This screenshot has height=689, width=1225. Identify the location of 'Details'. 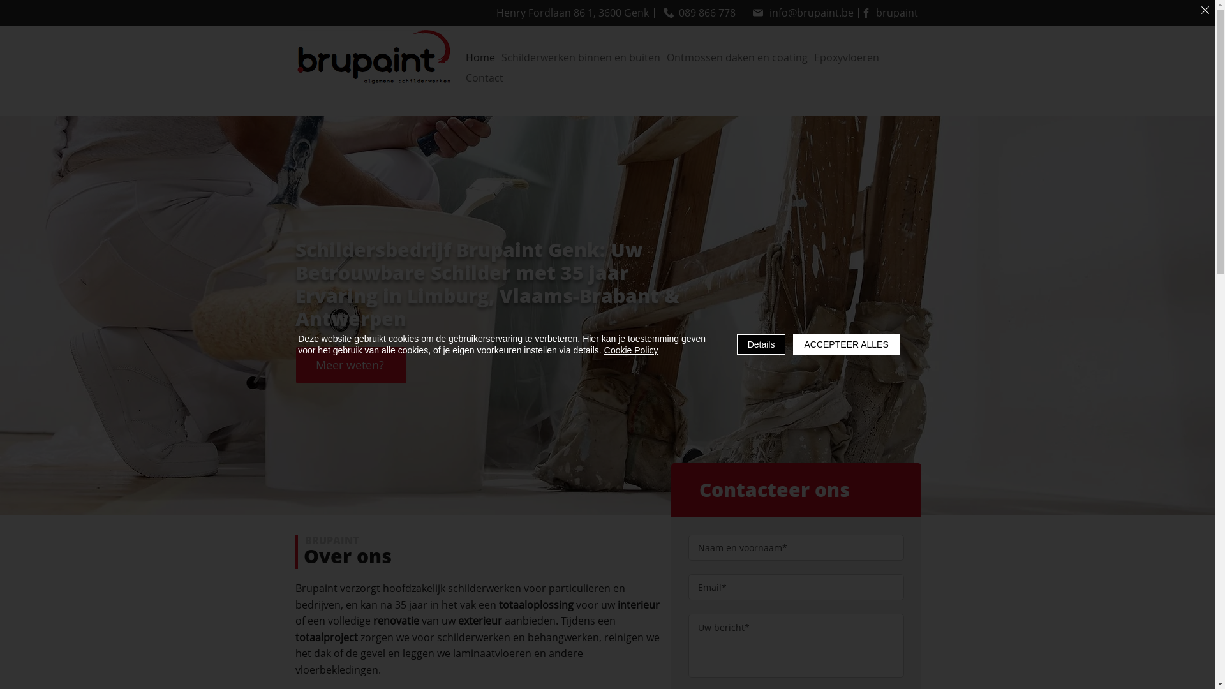
(761, 344).